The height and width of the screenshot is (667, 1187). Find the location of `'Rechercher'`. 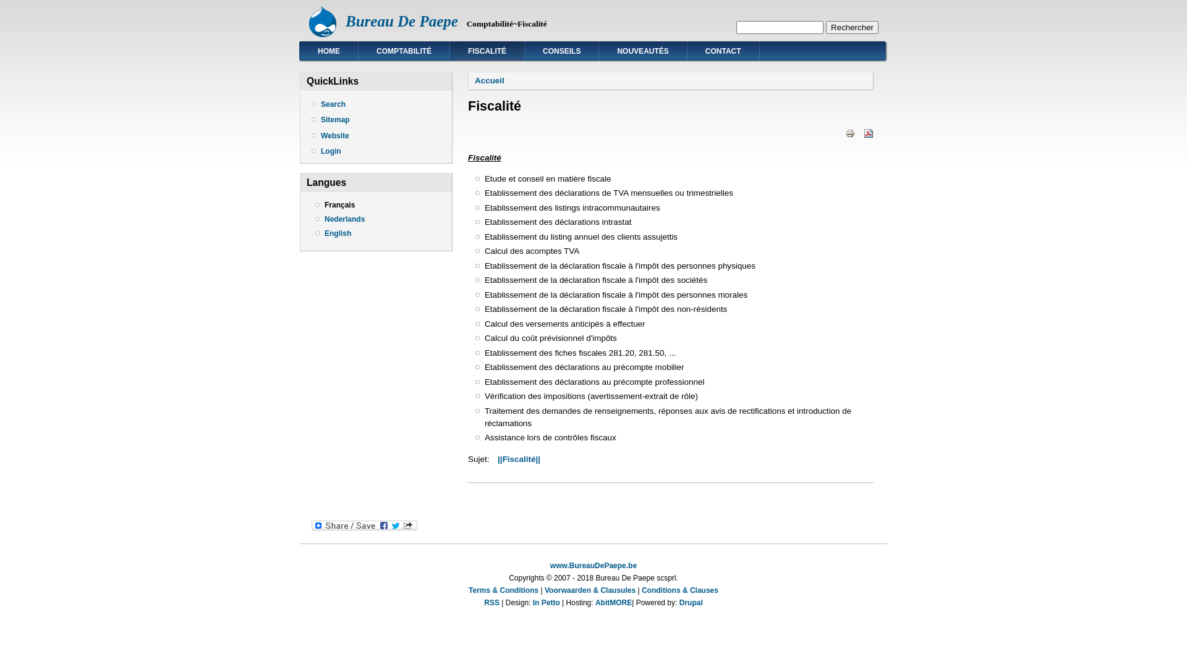

'Rechercher' is located at coordinates (851, 27).